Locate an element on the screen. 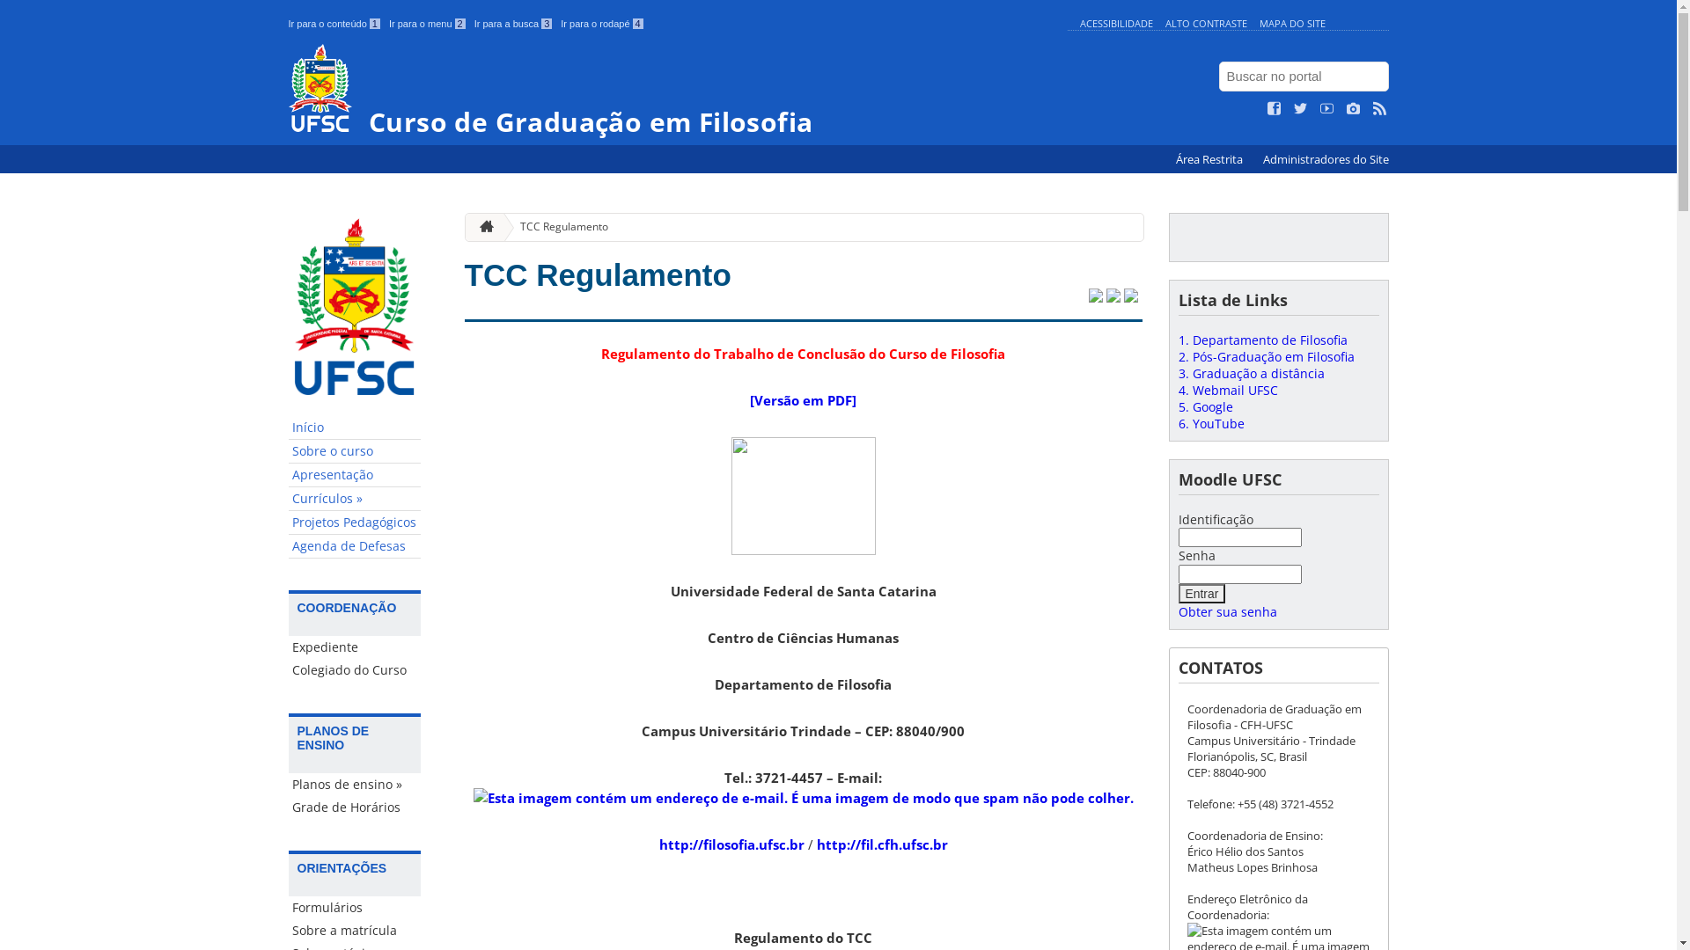 This screenshot has width=1690, height=950. 'ACESSIBILIDADE' is located at coordinates (1114, 23).